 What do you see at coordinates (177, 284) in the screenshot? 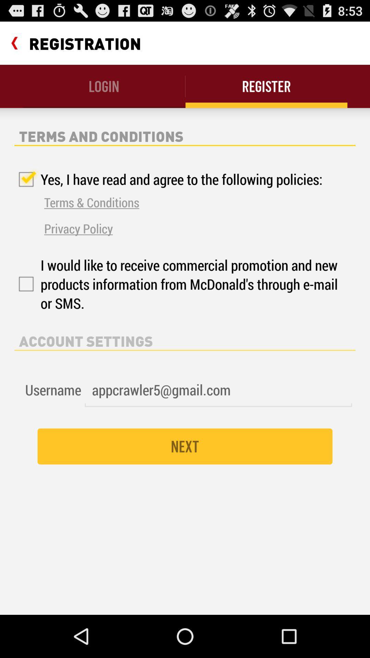
I see `item below privacy policy icon` at bounding box center [177, 284].